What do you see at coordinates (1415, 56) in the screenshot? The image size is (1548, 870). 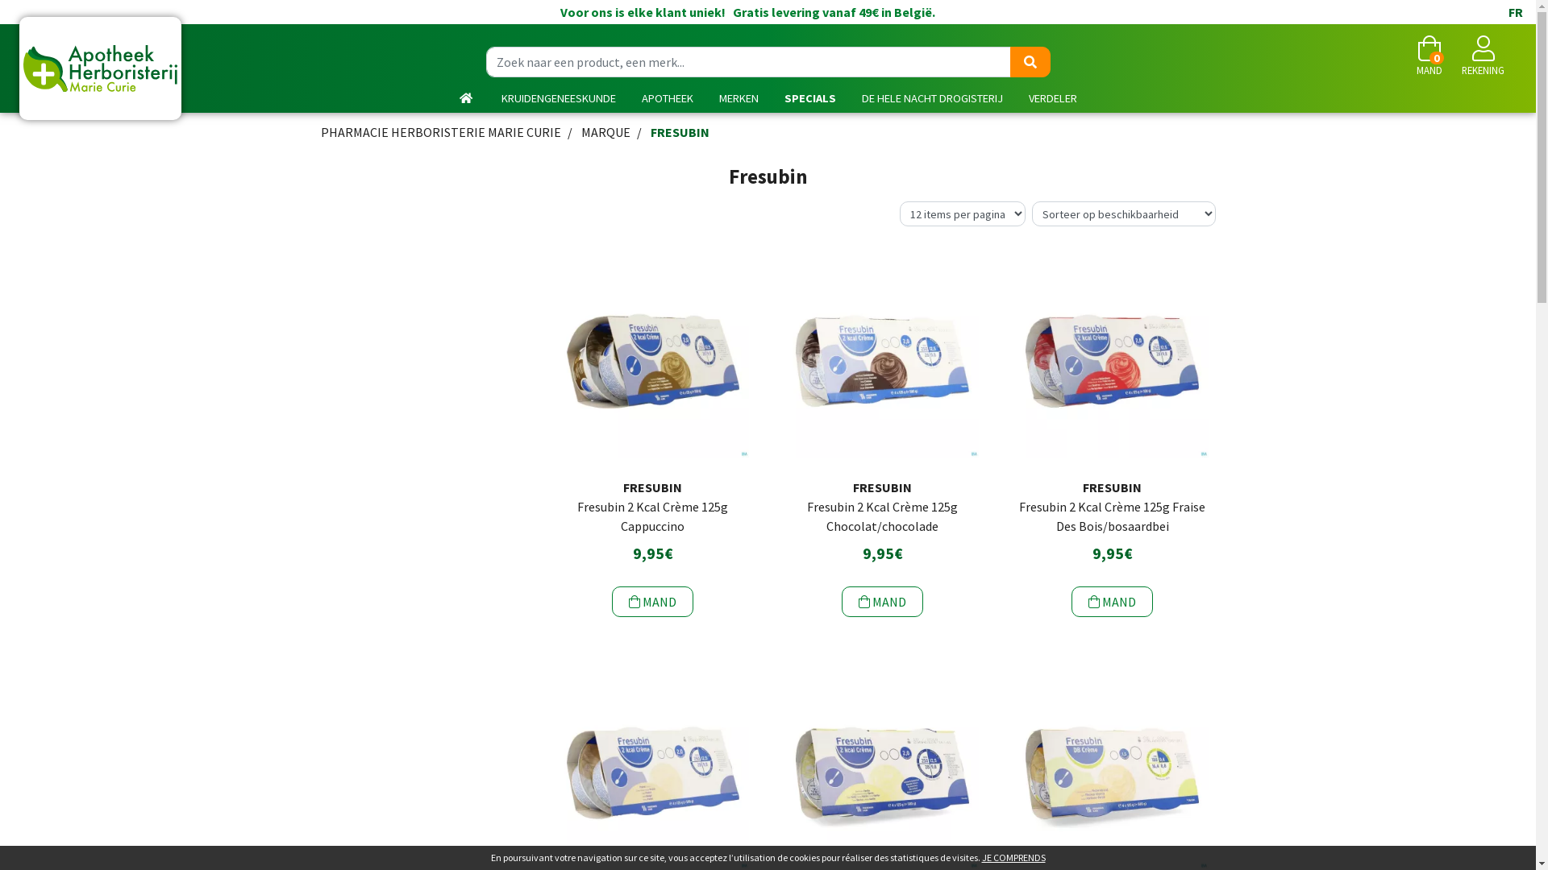 I see `'MAND` at bounding box center [1415, 56].